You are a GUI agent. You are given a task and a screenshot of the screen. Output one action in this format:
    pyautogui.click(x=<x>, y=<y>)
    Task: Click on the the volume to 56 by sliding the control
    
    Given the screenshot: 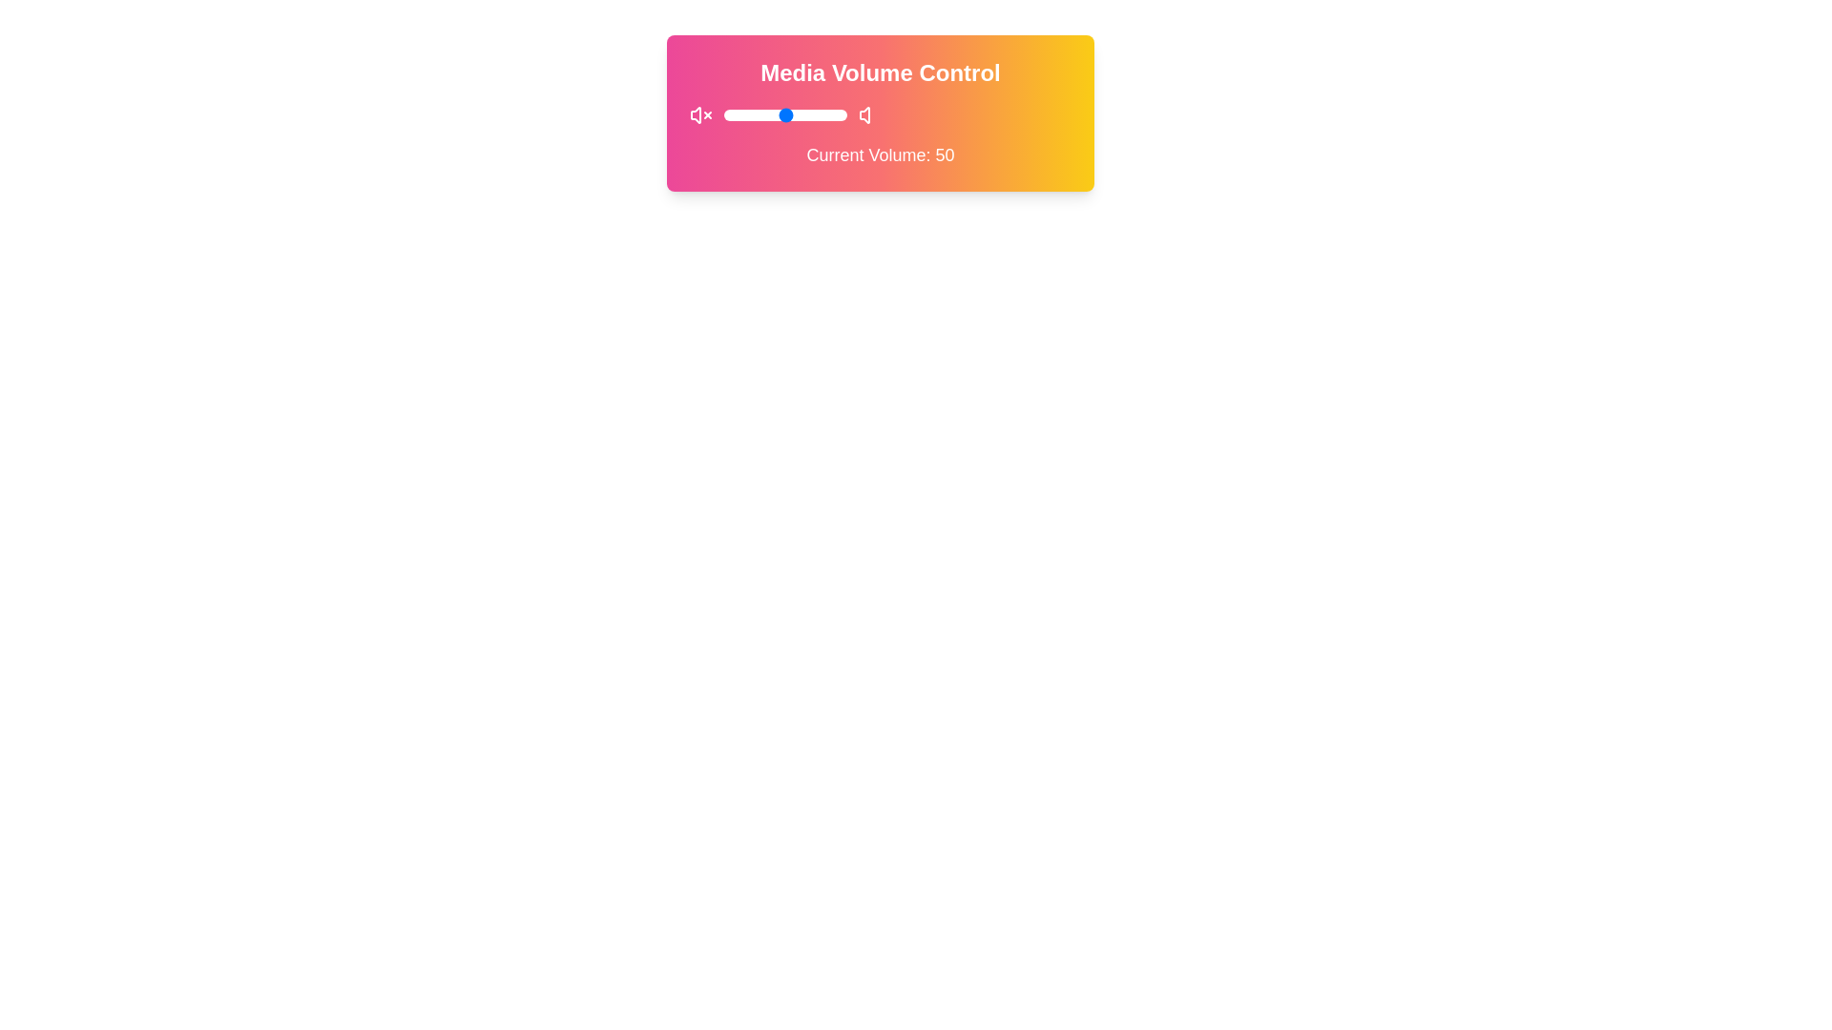 What is the action you would take?
    pyautogui.click(x=793, y=114)
    